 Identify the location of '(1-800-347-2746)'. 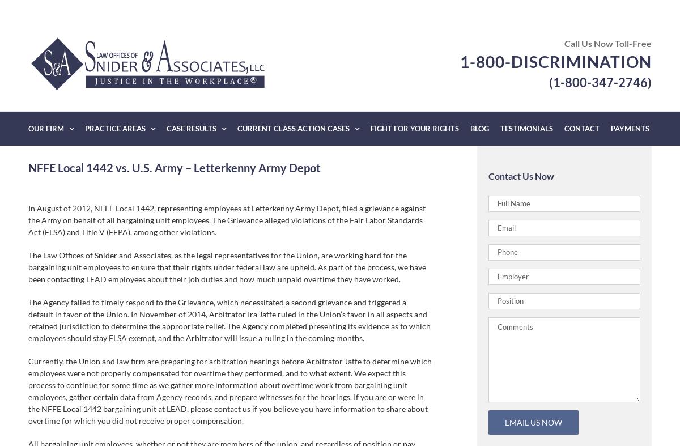
(600, 82).